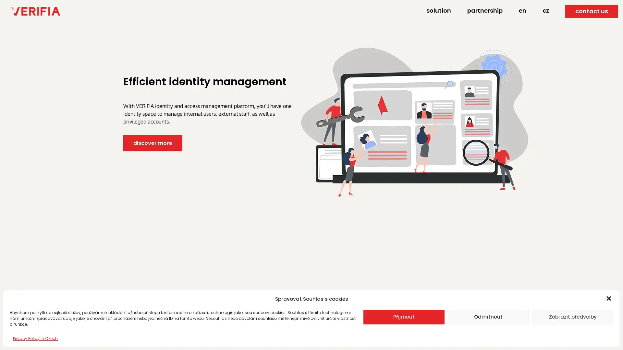 The image size is (623, 350). What do you see at coordinates (488, 316) in the screenshot?
I see `Odmitnout` at bounding box center [488, 316].